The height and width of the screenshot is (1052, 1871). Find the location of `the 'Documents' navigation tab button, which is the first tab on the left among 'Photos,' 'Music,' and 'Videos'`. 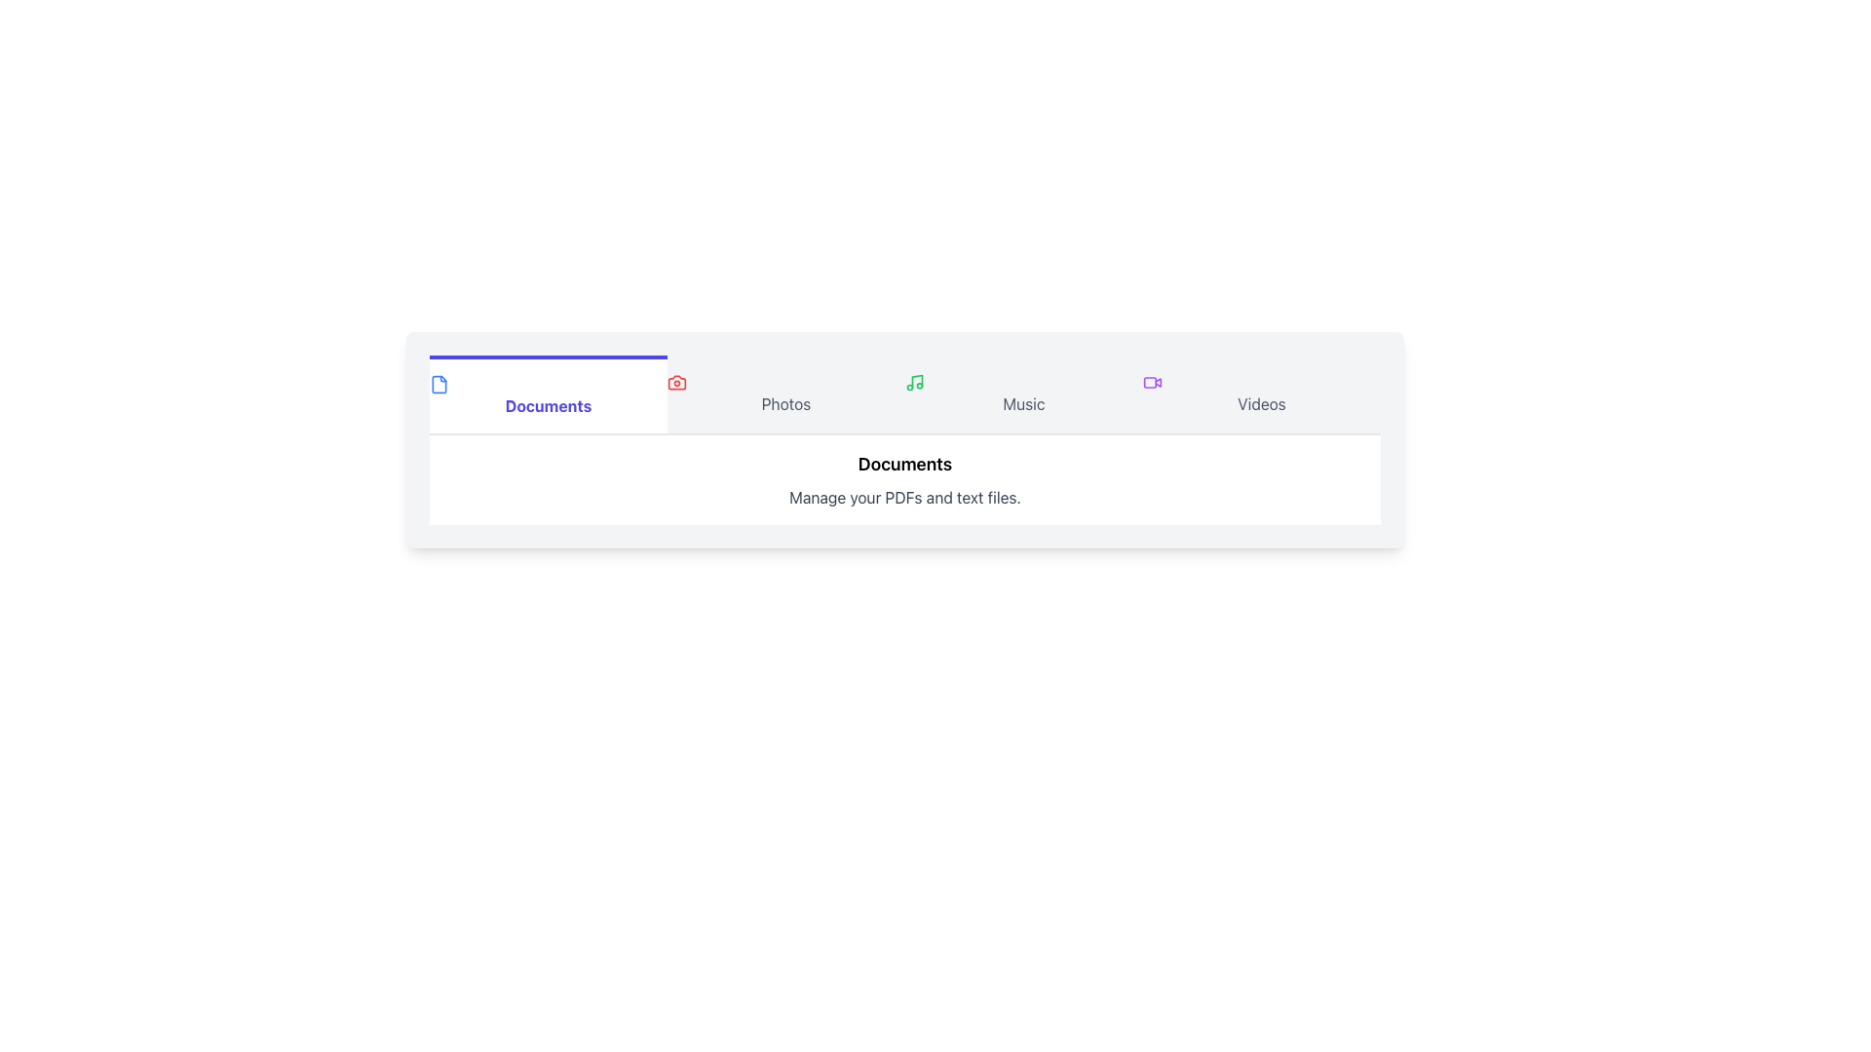

the 'Documents' navigation tab button, which is the first tab on the left among 'Photos,' 'Music,' and 'Videos' is located at coordinates (547, 394).